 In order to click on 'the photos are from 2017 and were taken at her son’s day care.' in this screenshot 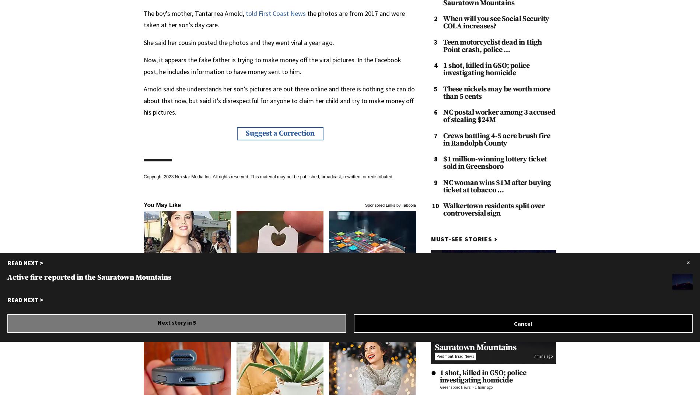, I will do `click(274, 18)`.